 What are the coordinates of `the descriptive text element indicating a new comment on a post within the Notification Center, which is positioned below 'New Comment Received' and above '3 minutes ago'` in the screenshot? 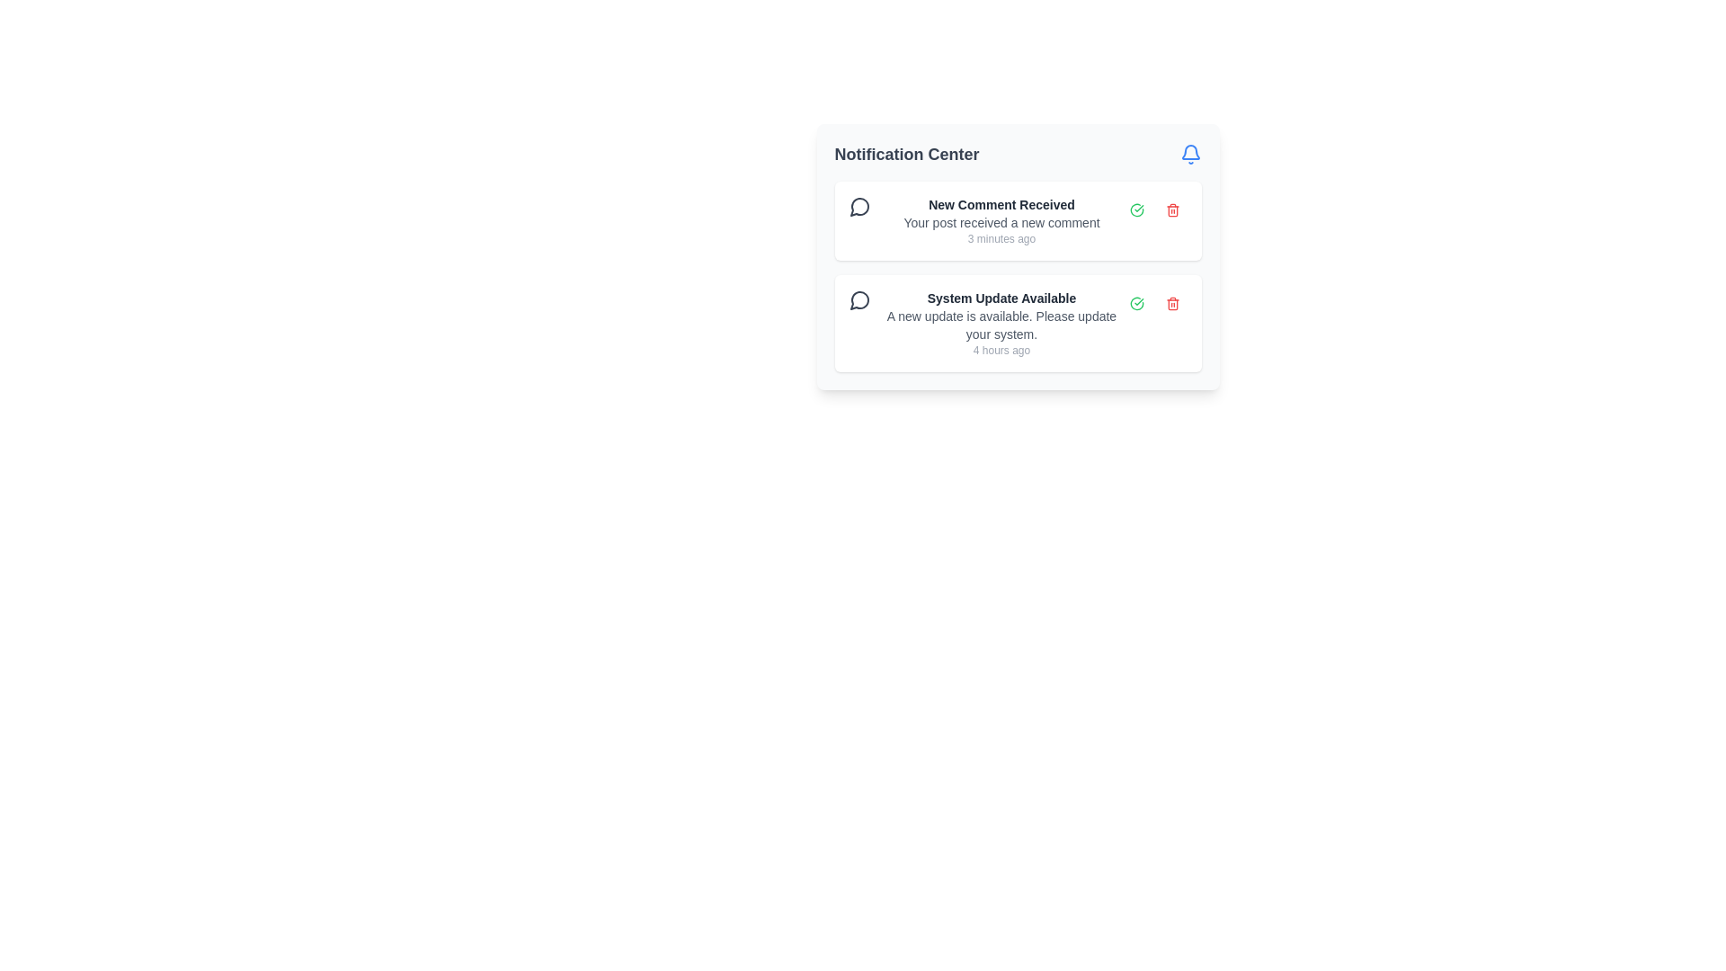 It's located at (1001, 221).